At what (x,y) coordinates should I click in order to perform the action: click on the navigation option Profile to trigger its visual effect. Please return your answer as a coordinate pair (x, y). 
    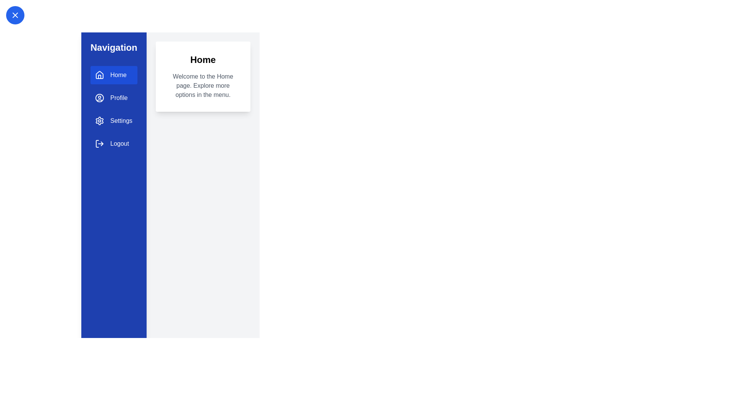
    Looking at the image, I should click on (113, 98).